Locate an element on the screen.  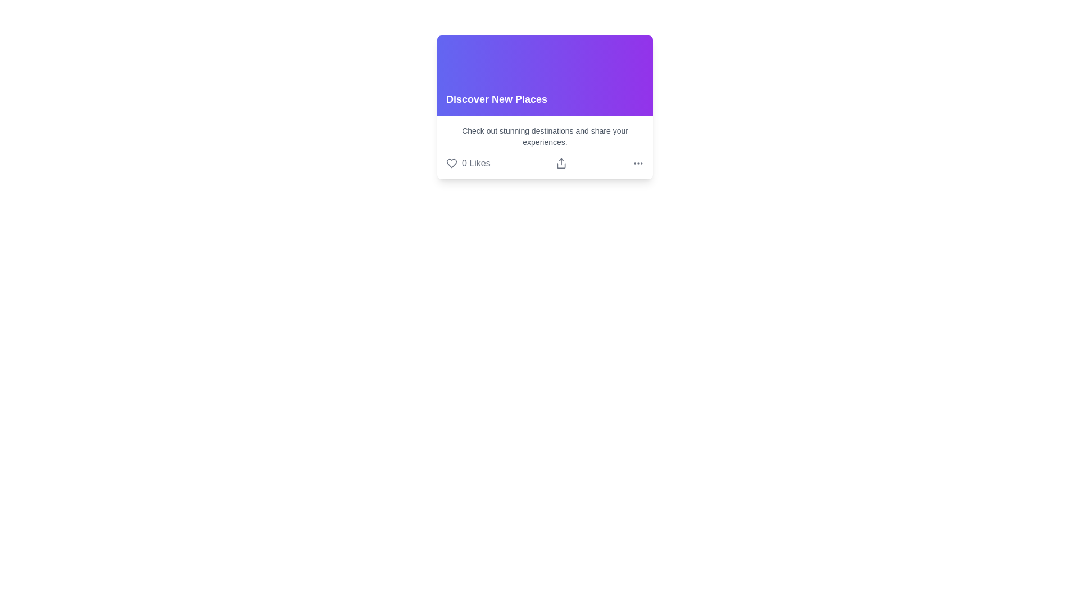
the like button located at the bottom-left corner of the 'Discover New Places' card is located at coordinates (468, 163).